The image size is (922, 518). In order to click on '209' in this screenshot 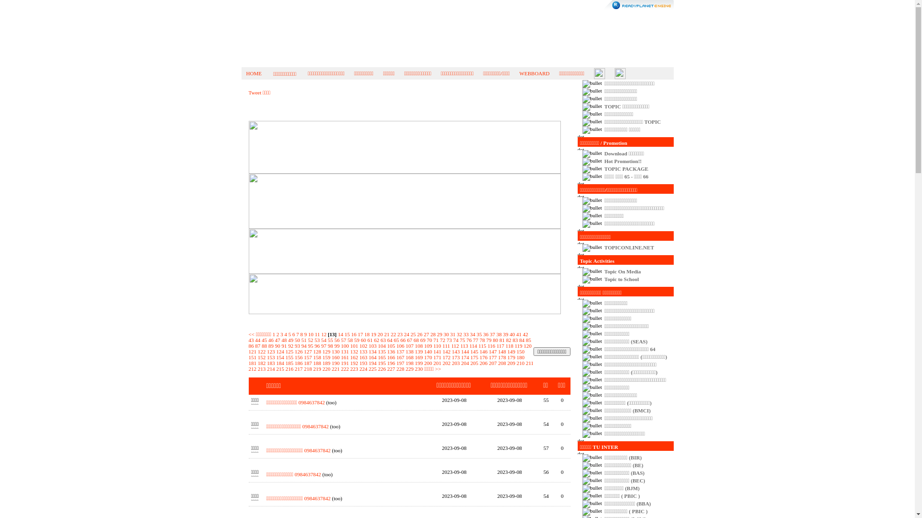, I will do `click(510, 363)`.